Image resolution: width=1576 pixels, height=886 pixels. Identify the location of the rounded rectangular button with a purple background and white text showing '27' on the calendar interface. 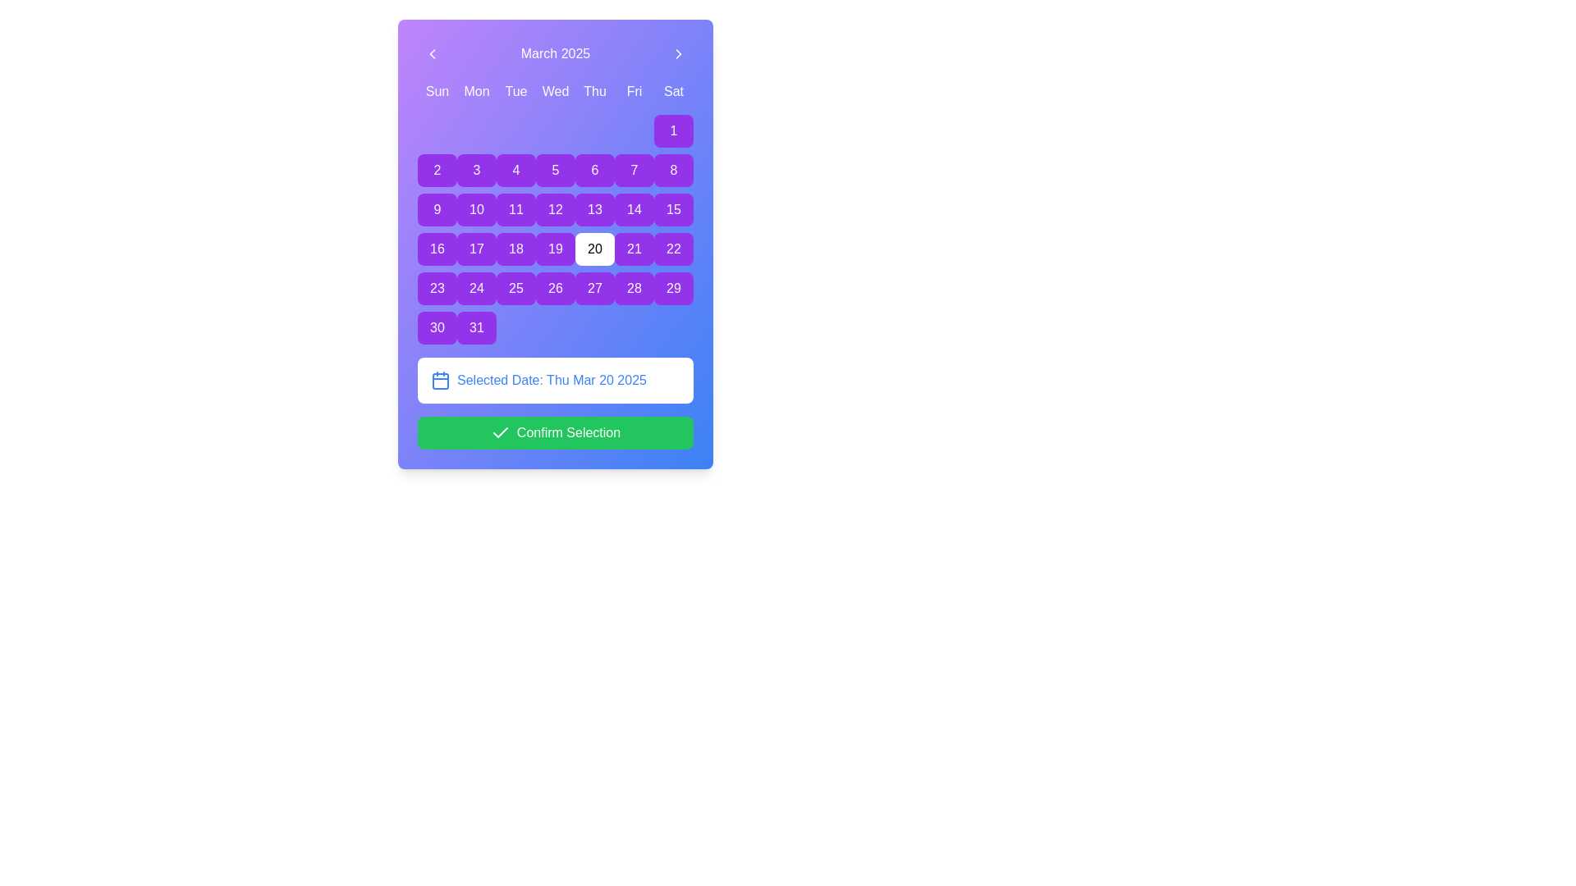
(593, 287).